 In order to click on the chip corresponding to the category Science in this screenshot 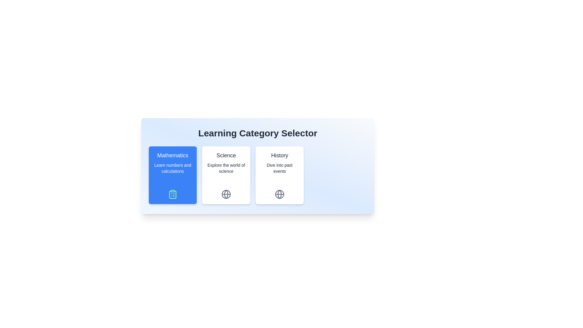, I will do `click(226, 175)`.